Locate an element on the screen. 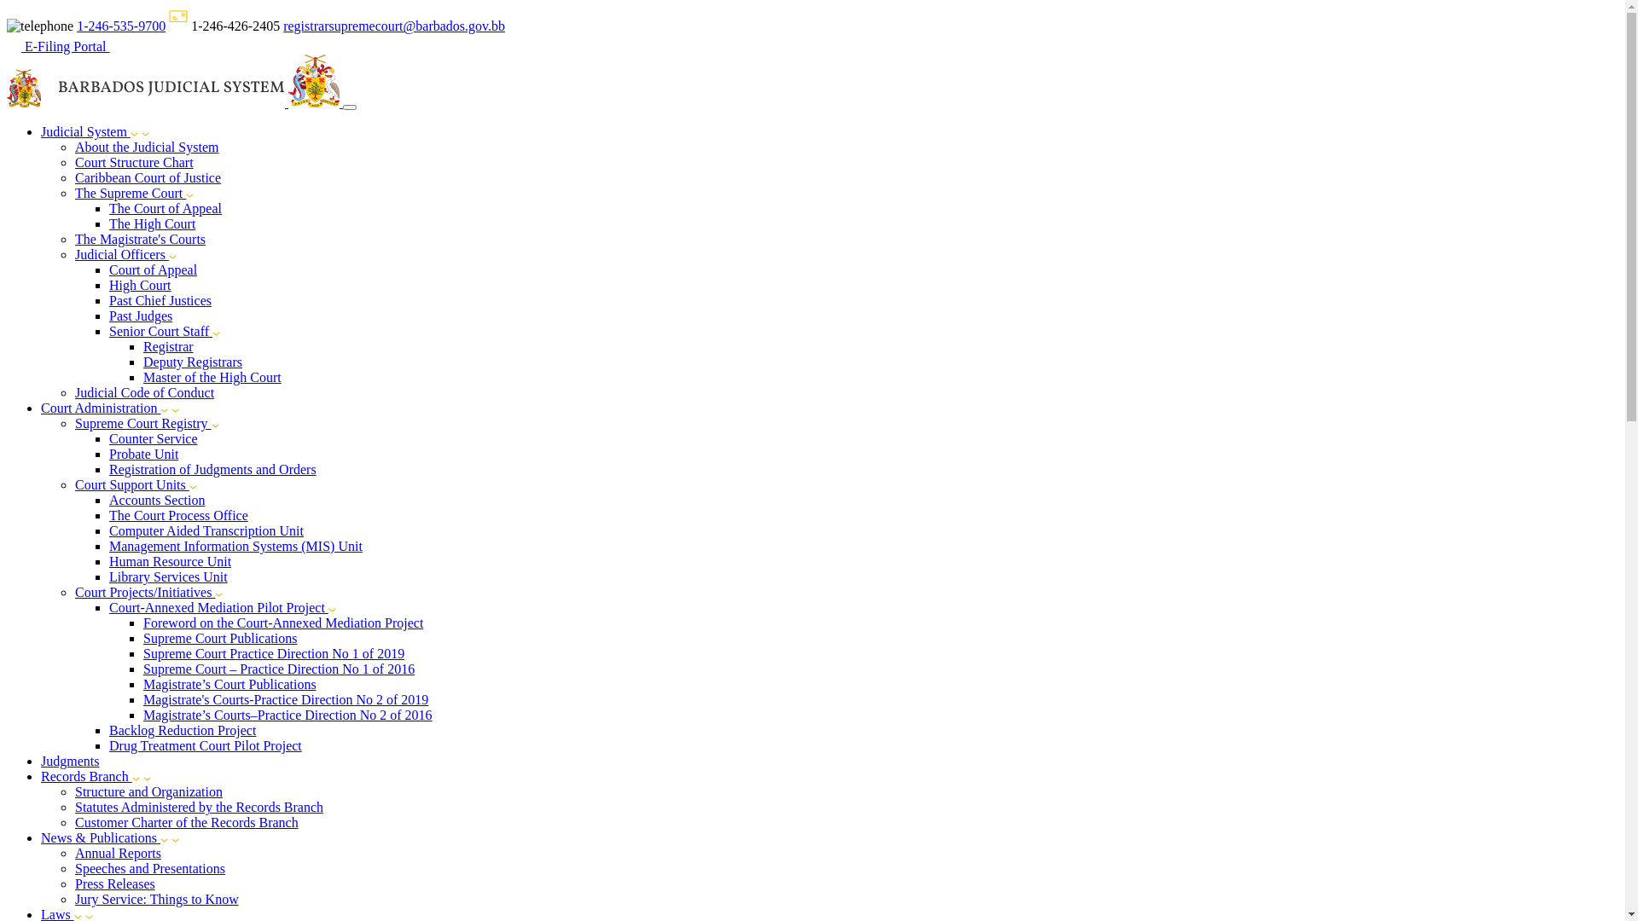 The height and width of the screenshot is (921, 1638). 'Speeches and Presentations' is located at coordinates (150, 868).